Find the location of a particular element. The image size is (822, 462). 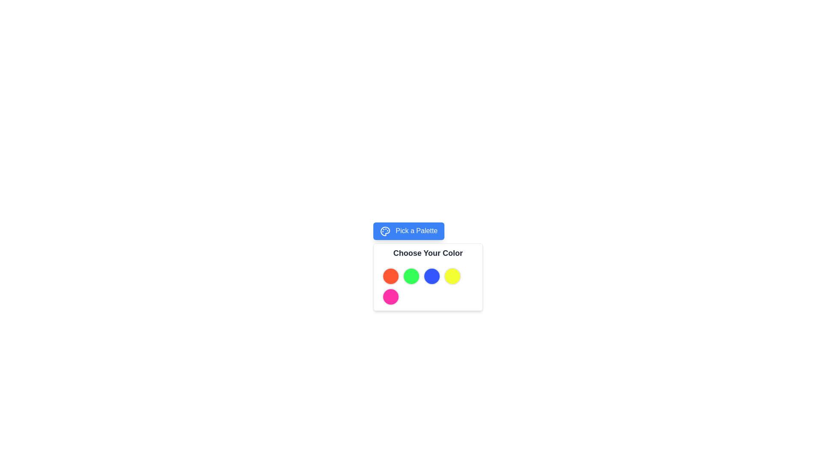

the small graphical icon resembling a palette with a blue background, located inside the 'Pick a Palette' button near the center-top of the interface is located at coordinates (384, 231).